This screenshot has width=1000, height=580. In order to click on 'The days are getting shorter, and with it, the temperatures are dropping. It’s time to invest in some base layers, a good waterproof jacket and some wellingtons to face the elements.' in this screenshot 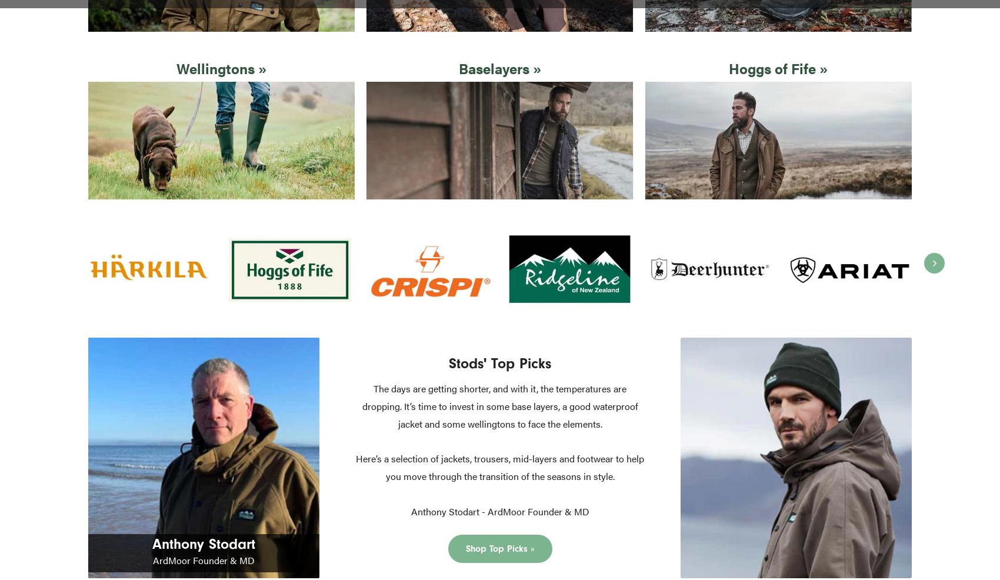, I will do `click(361, 405)`.